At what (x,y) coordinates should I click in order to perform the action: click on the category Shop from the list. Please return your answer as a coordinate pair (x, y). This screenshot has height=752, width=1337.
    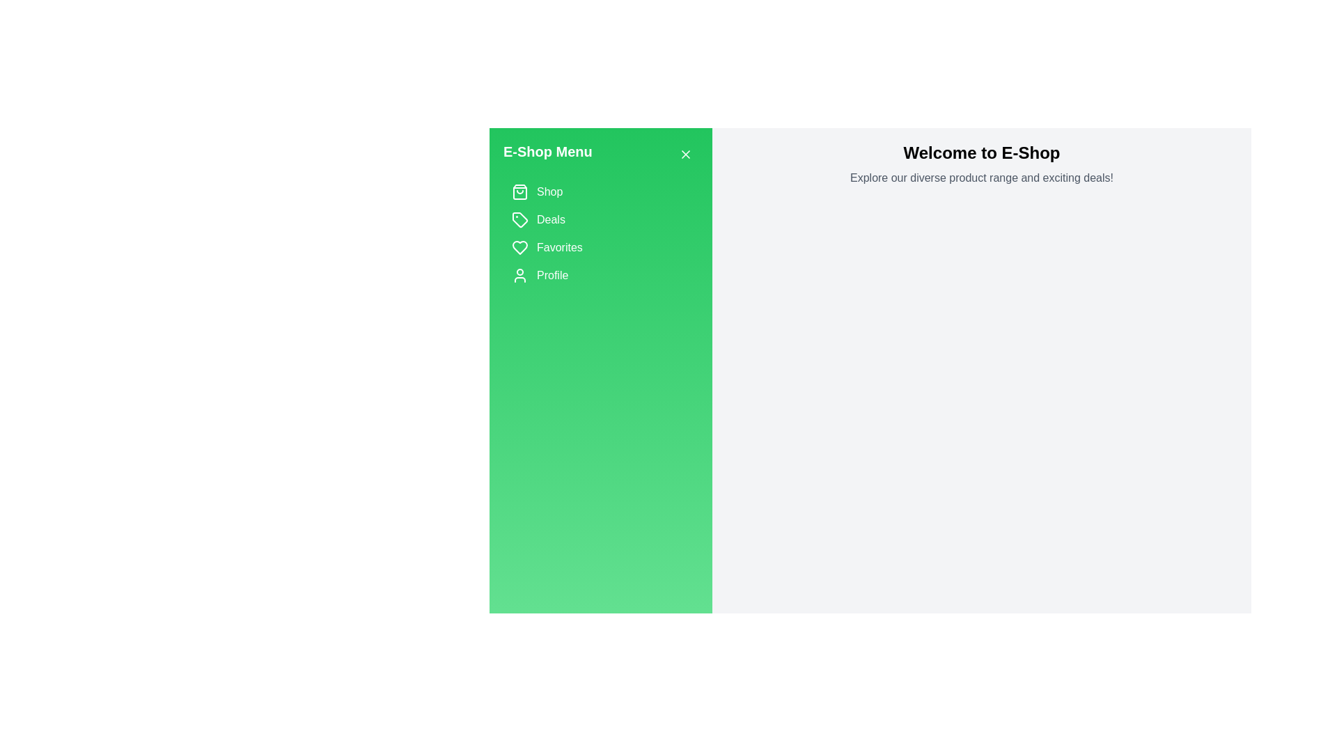
    Looking at the image, I should click on (601, 192).